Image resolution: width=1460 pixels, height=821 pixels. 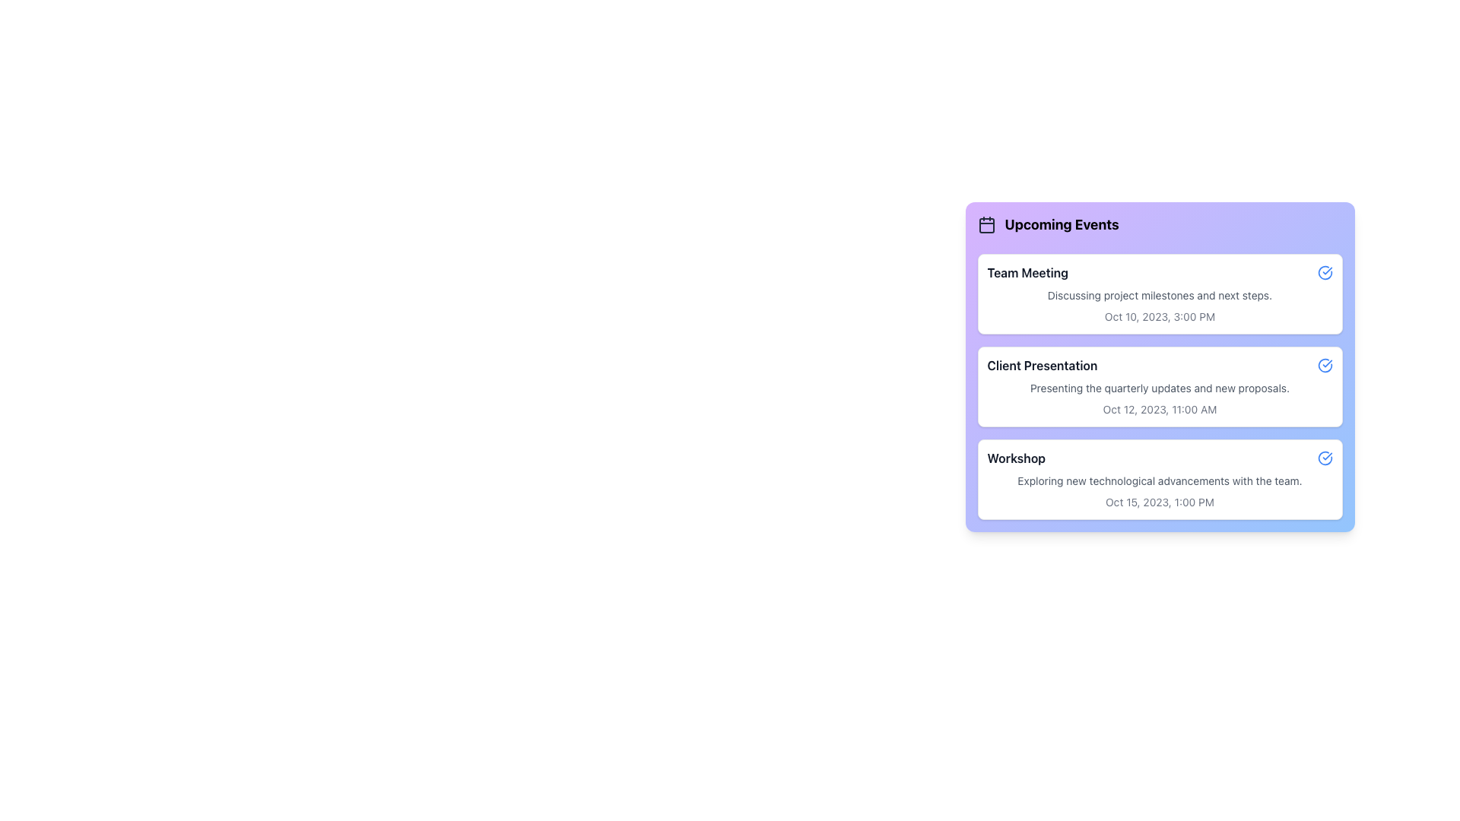 What do you see at coordinates (1159, 386) in the screenshot?
I see `the second list item that presents details about the 'Client Presentation' event, located between the 'Team Meeting' and 'Workshop' cards` at bounding box center [1159, 386].